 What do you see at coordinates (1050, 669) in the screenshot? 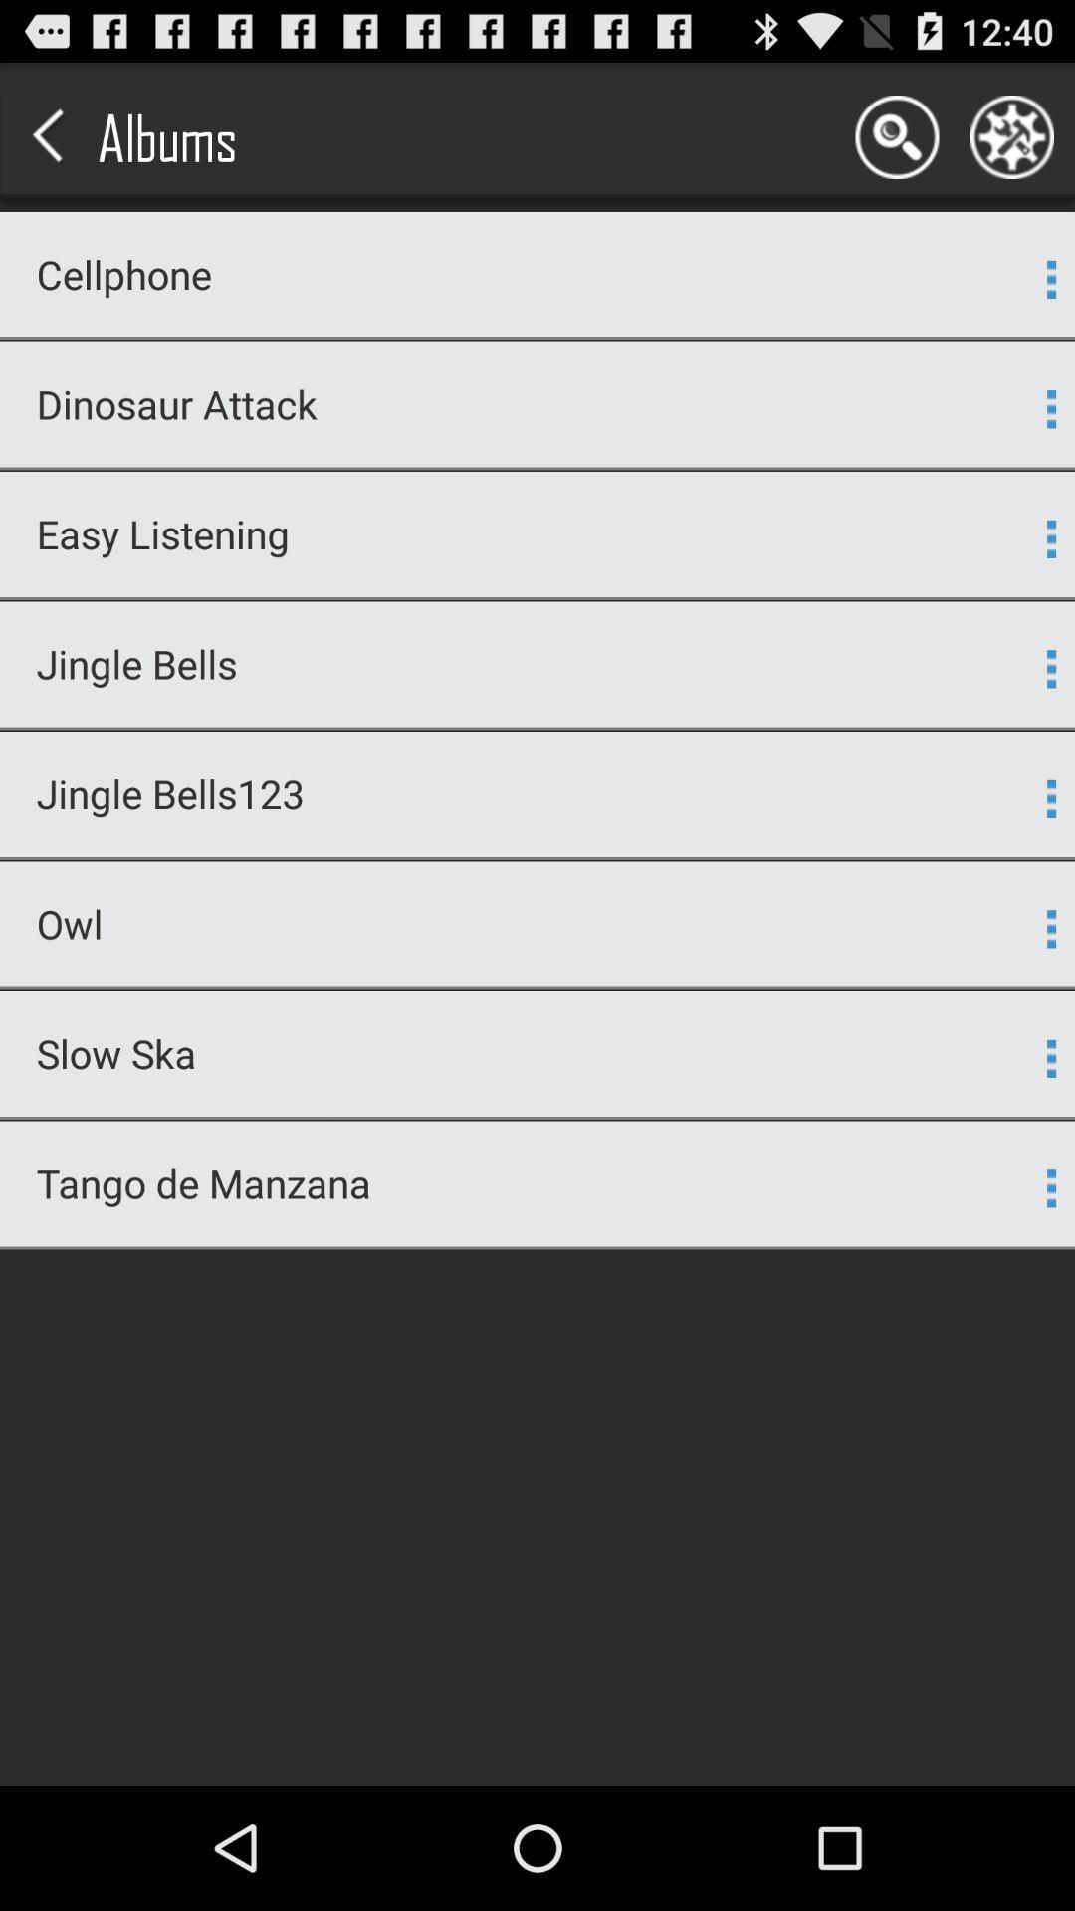
I see `app next to the jingle bells item` at bounding box center [1050, 669].